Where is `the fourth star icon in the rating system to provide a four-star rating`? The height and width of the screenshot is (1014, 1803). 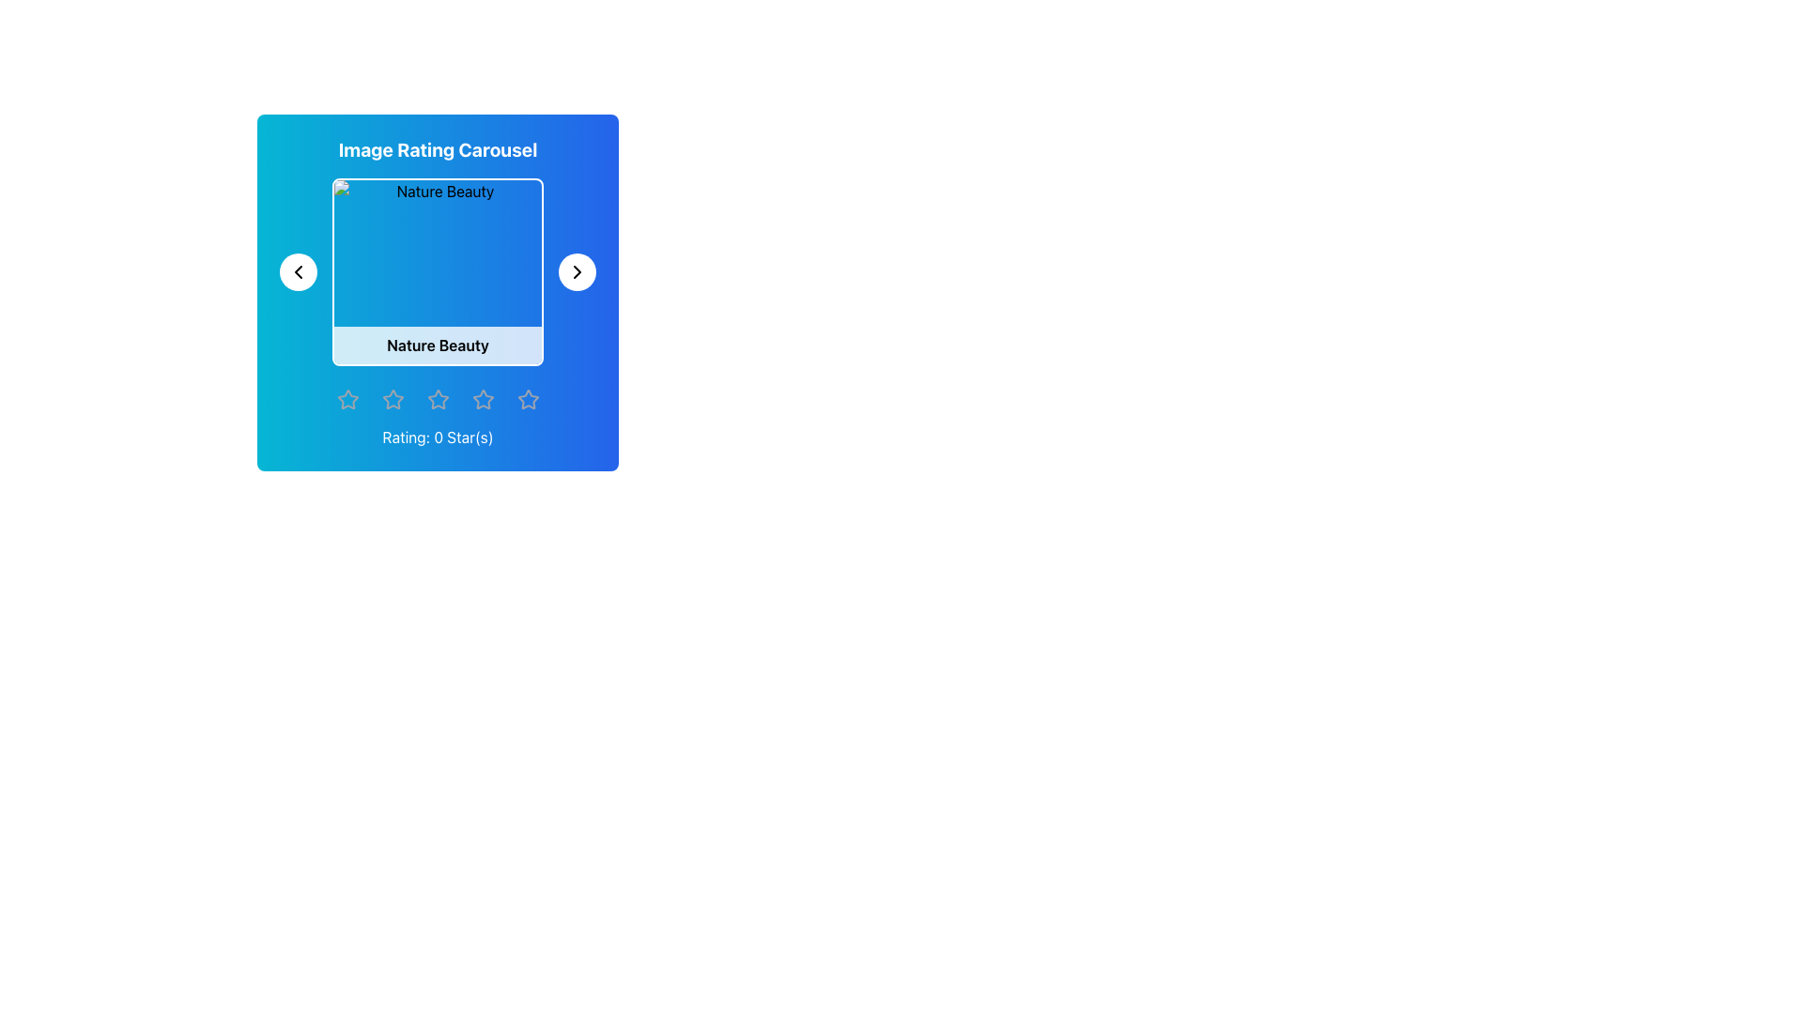
the fourth star icon in the rating system to provide a four-star rating is located at coordinates (483, 398).